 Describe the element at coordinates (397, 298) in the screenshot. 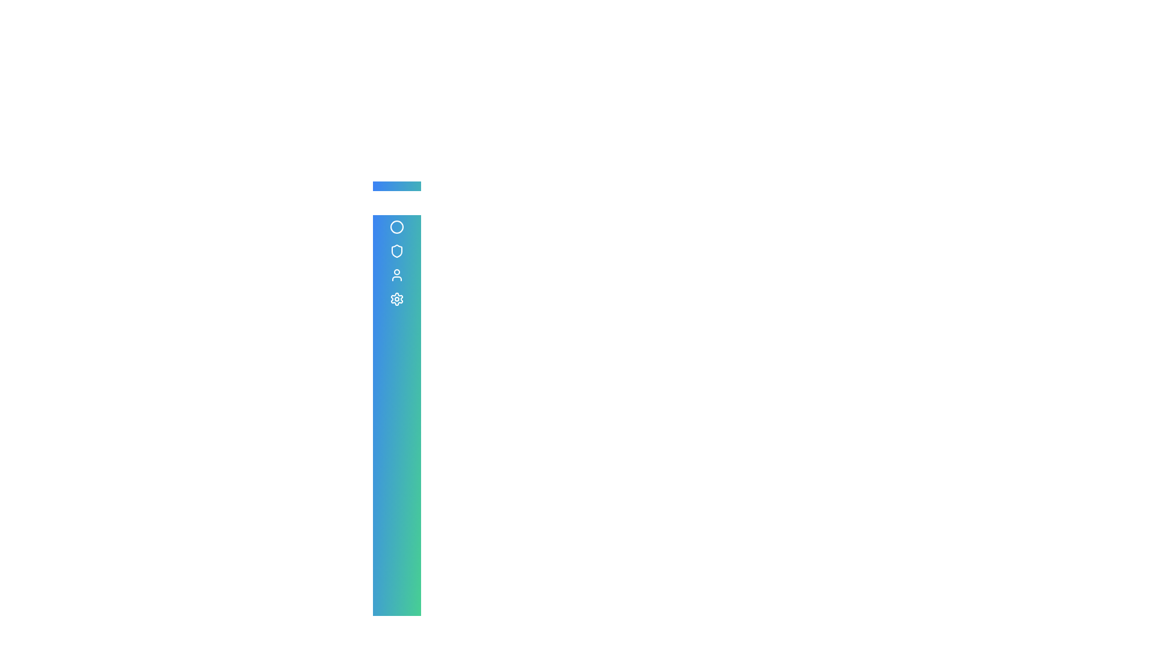

I see `the graphical icon with a cogwheel design, which represents settings or configuration options, located as the fourth item in the vertical toolbar on the right side of the main interface` at that location.